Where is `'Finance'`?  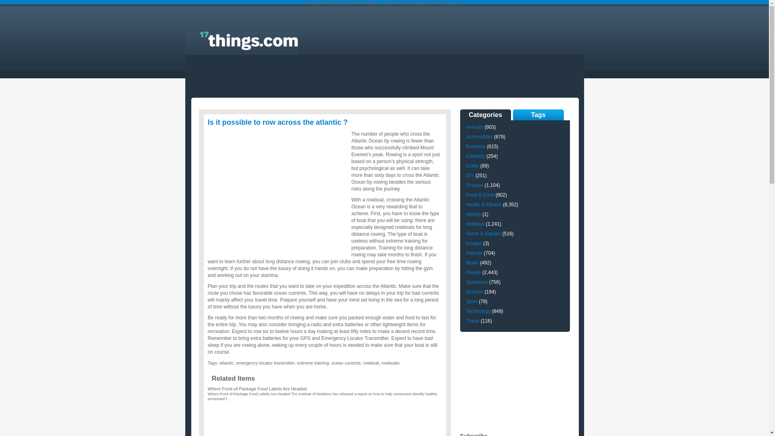
'Finance' is located at coordinates (465, 185).